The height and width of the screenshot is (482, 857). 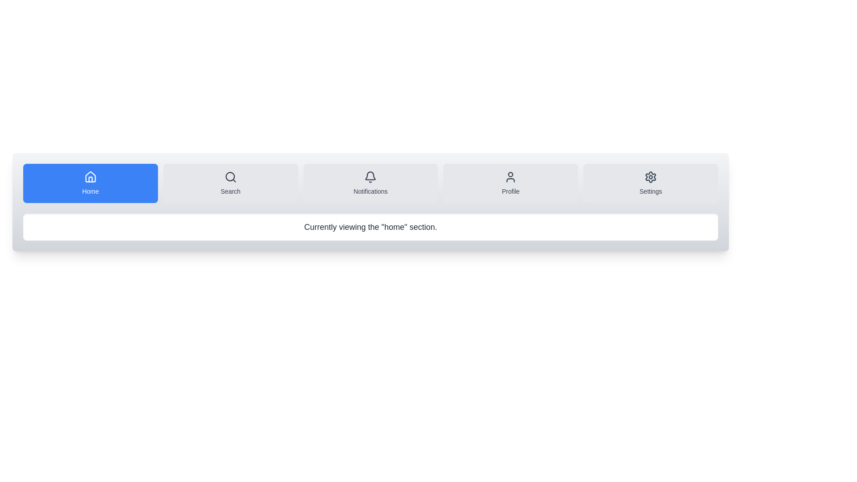 I want to click on the user profile icon on the 'Profile' button in the navigation bar to trigger a tooltip or animation, so click(x=511, y=177).